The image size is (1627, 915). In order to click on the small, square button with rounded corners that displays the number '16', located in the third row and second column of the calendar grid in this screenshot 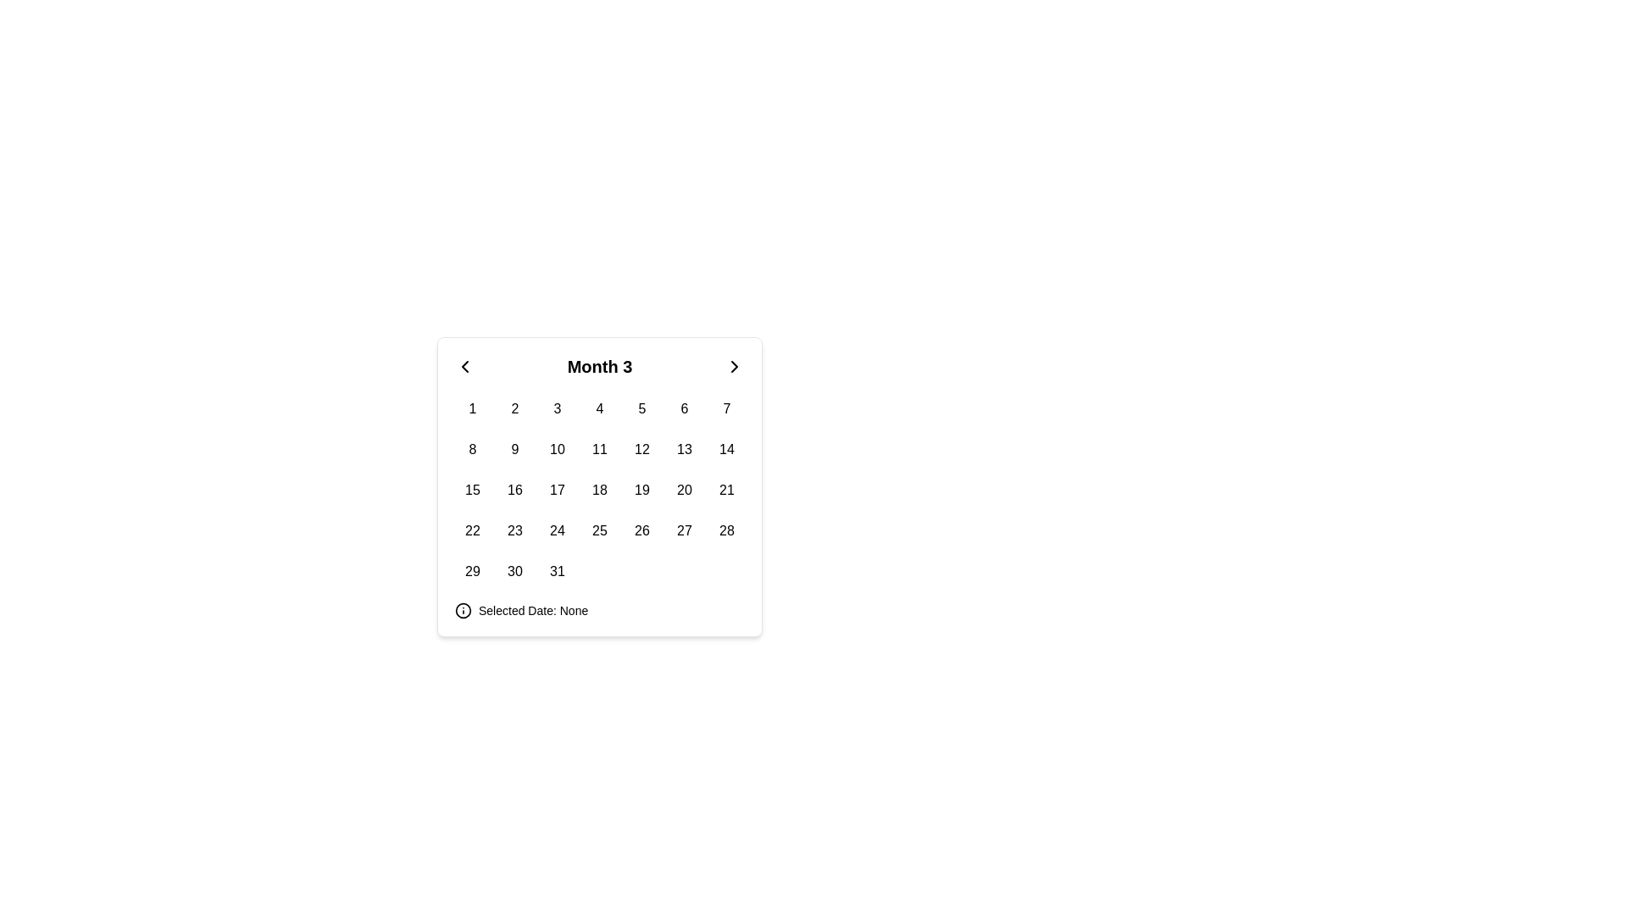, I will do `click(514, 490)`.